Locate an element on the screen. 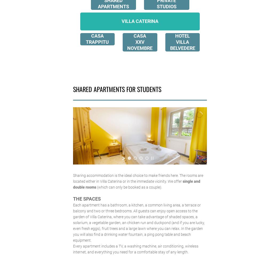 This screenshot has height=259, width=280. 'THE SPACES' is located at coordinates (86, 198).